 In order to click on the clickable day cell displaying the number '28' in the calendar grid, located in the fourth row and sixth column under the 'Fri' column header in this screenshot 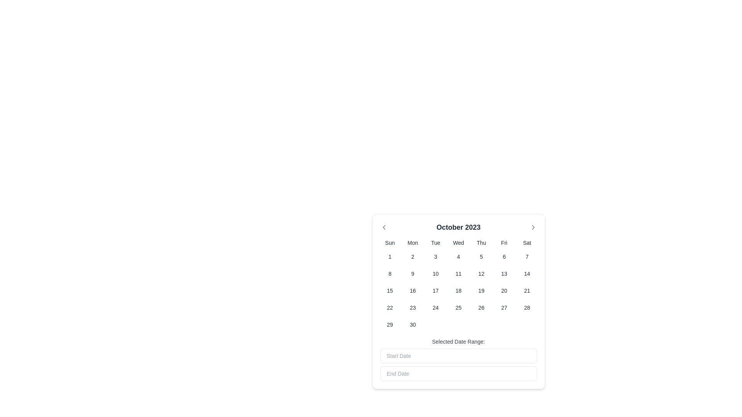, I will do `click(526, 307)`.